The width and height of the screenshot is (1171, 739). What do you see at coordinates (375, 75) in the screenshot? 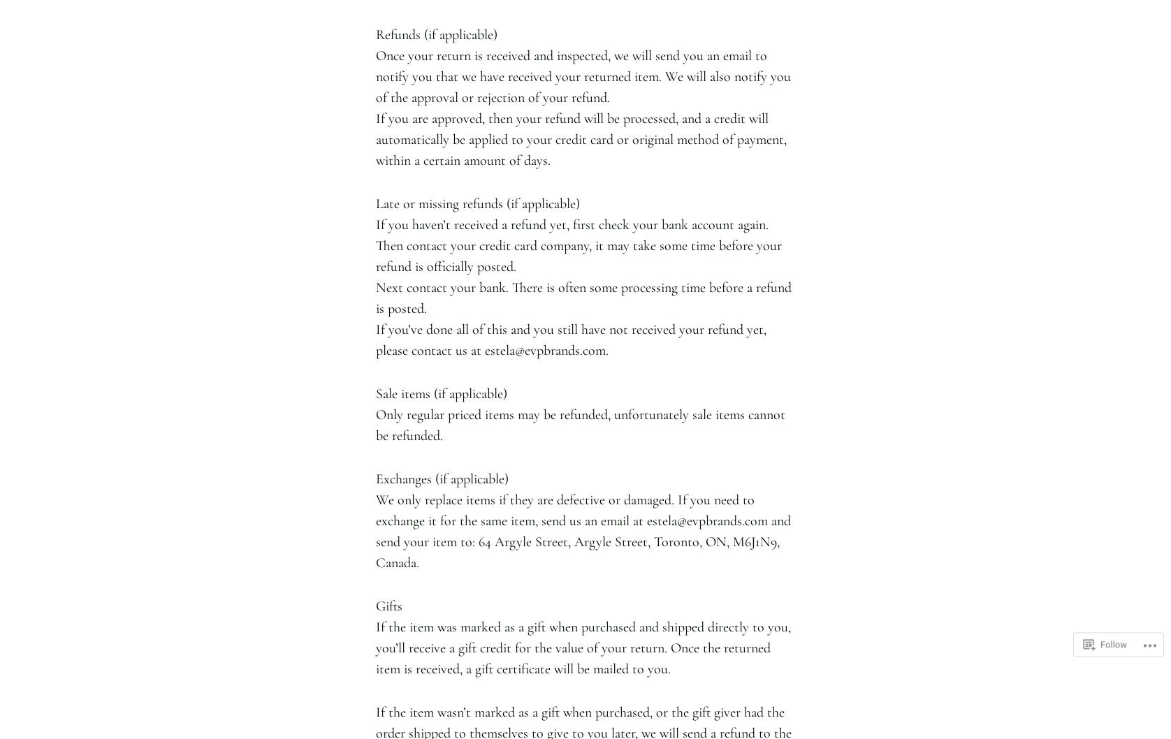
I see `'Once your return is received and inspected, we will send you an email to notify you that we have received your returned item. We will also notify you of the approval or rejection of your refund.'` at bounding box center [375, 75].